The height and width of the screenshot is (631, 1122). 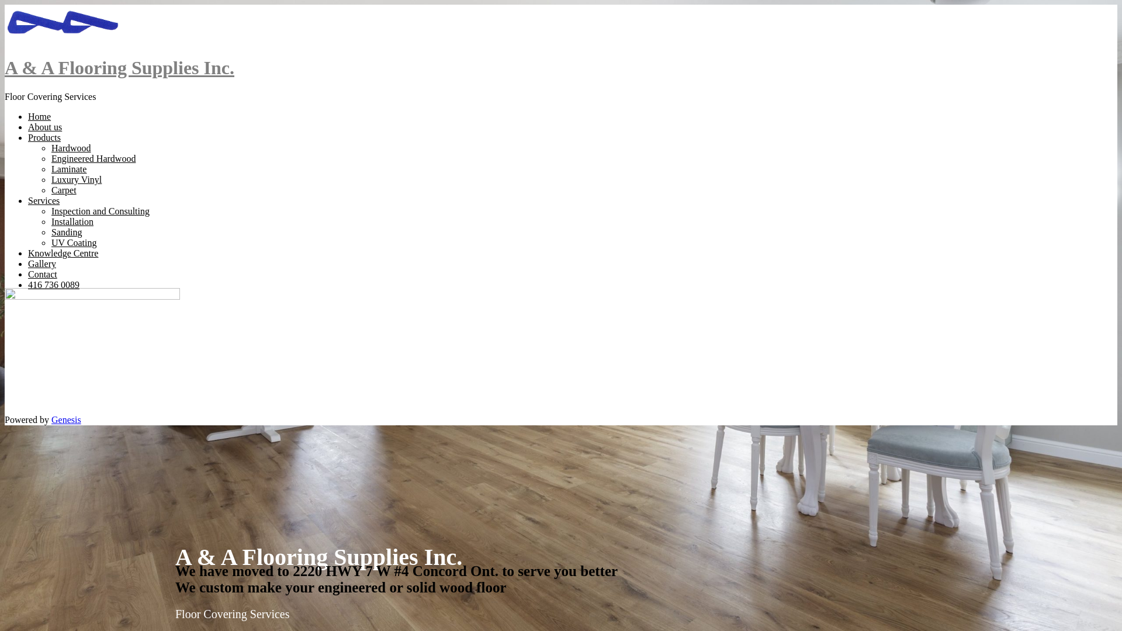 I want to click on 'Genesis', so click(x=65, y=419).